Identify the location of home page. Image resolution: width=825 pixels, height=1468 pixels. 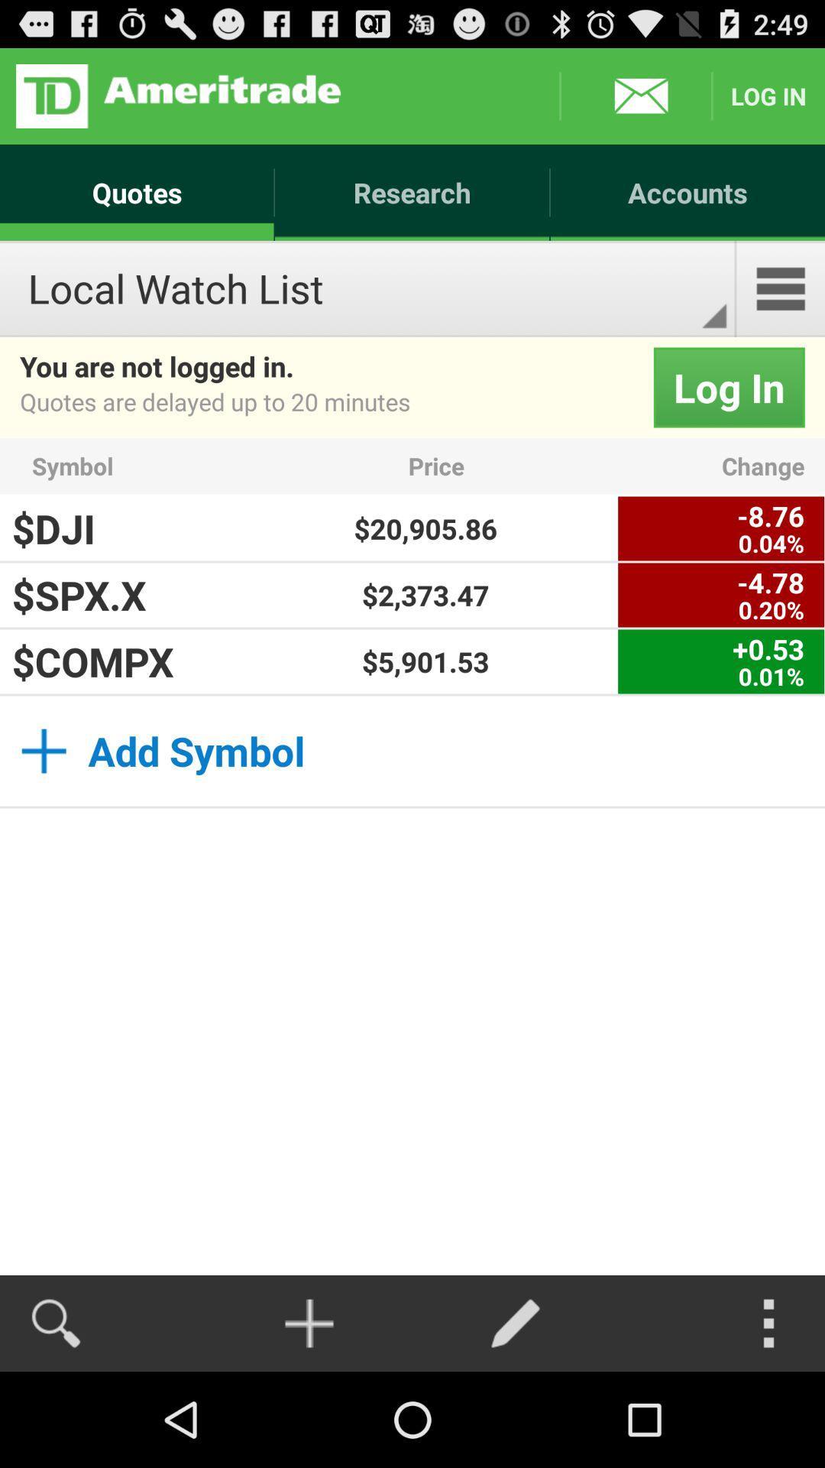
(177, 95).